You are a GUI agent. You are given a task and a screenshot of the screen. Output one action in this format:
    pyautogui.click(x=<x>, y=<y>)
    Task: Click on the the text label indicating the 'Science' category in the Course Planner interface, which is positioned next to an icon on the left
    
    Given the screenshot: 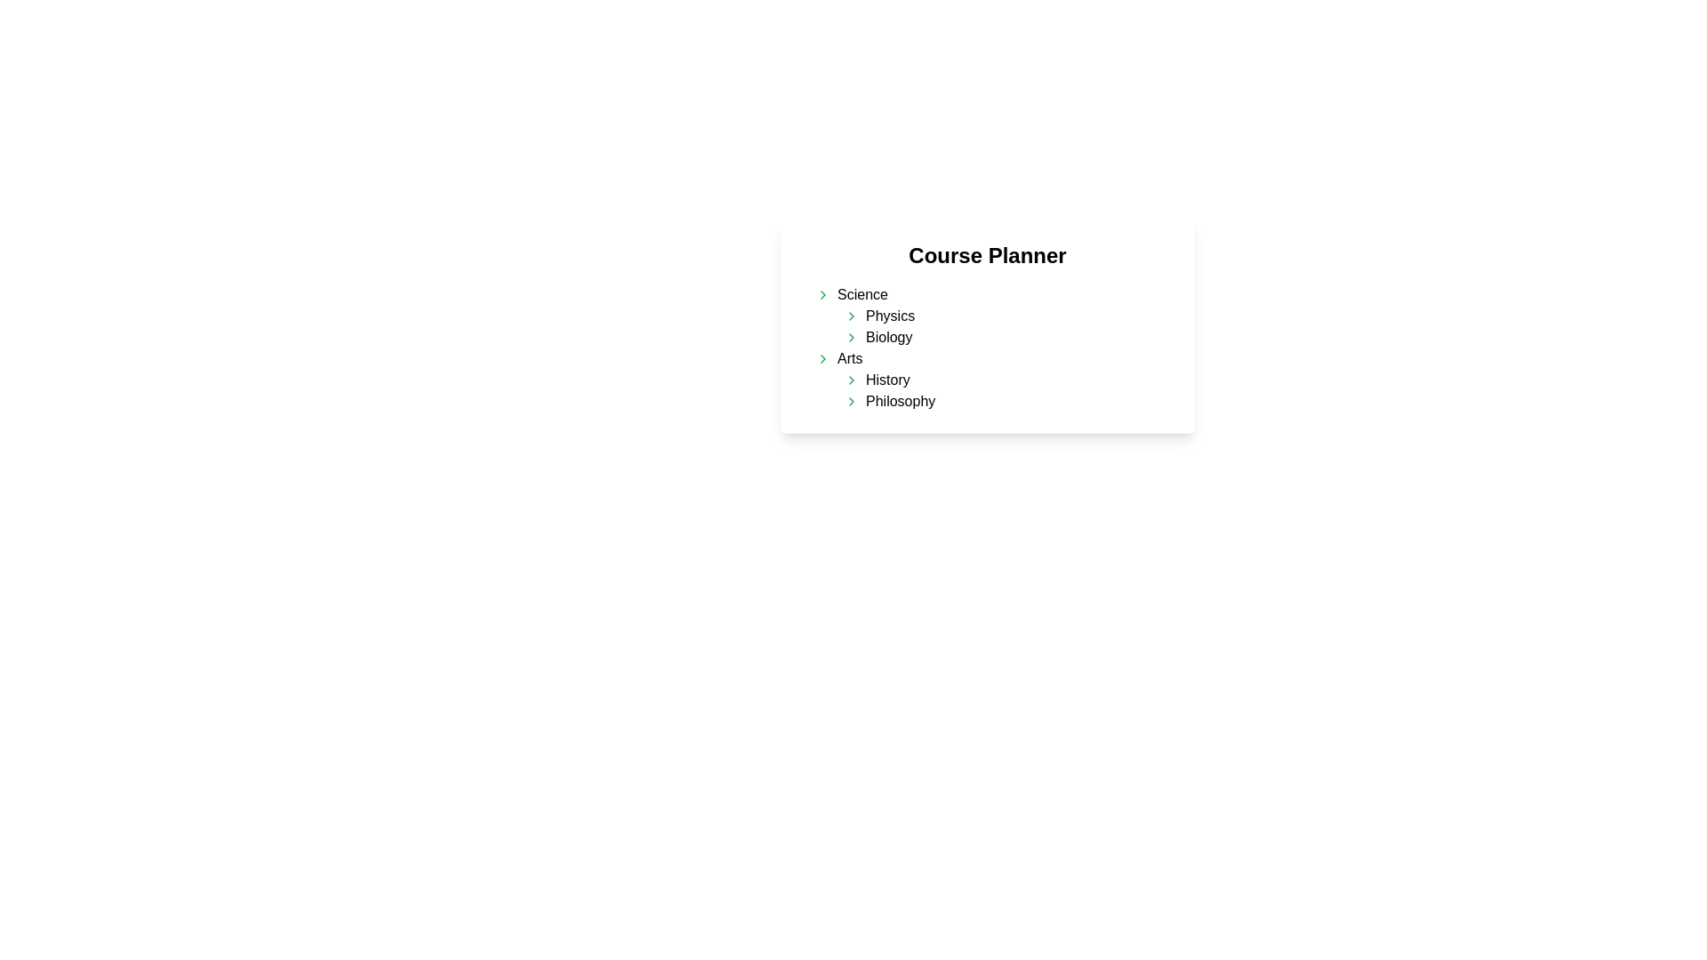 What is the action you would take?
    pyautogui.click(x=862, y=293)
    